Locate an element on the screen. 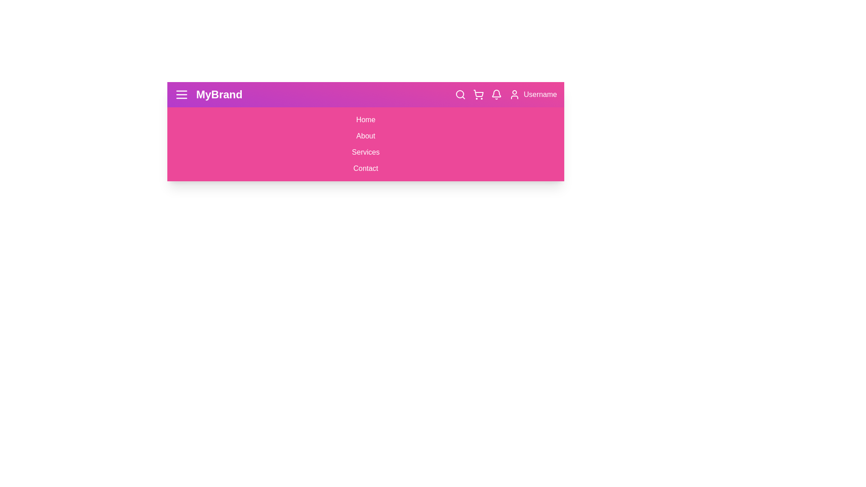 Image resolution: width=866 pixels, height=487 pixels. the 'MyBrand' logo to navigate to the homepage is located at coordinates (207, 94).